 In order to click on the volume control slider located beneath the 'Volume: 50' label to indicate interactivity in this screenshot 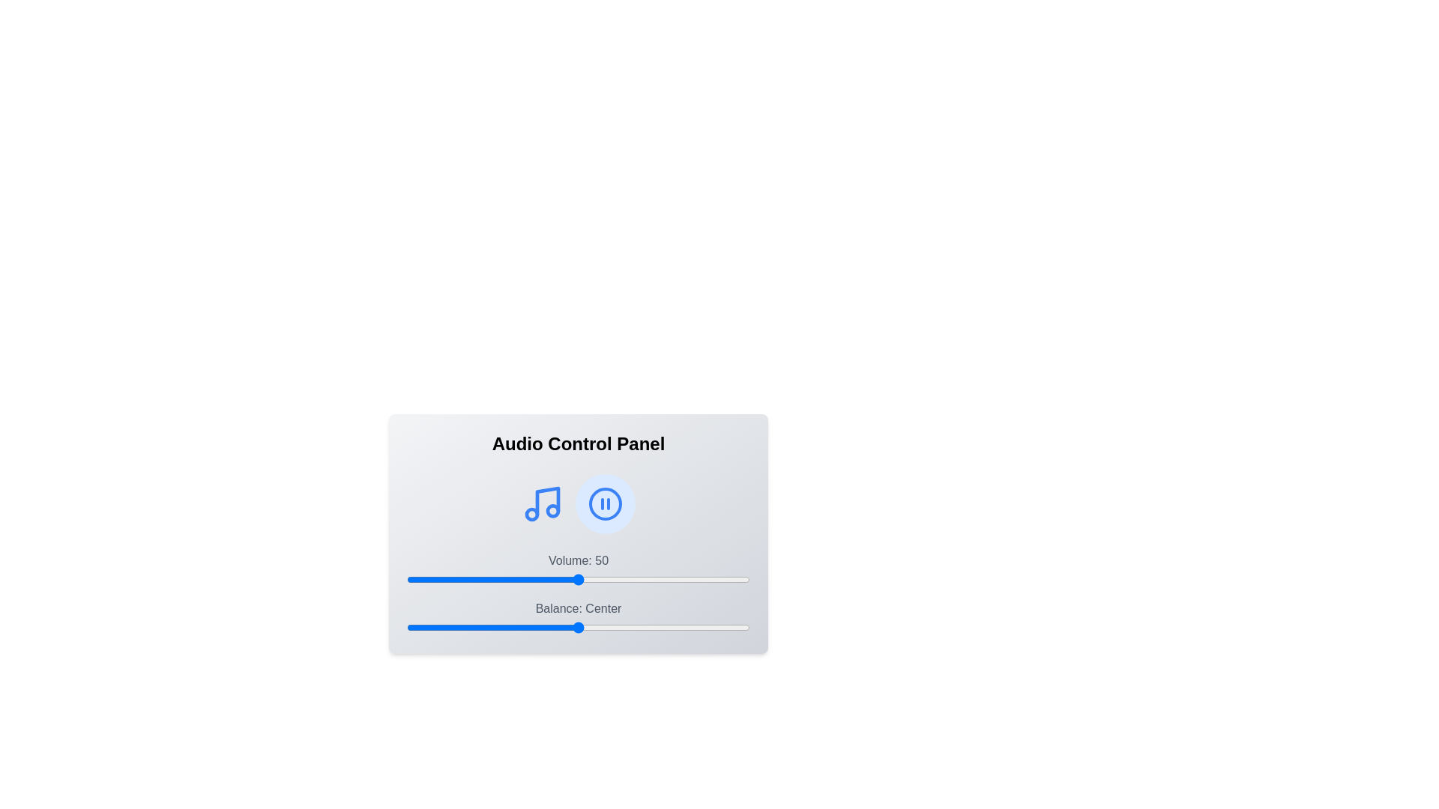, I will do `click(578, 579)`.